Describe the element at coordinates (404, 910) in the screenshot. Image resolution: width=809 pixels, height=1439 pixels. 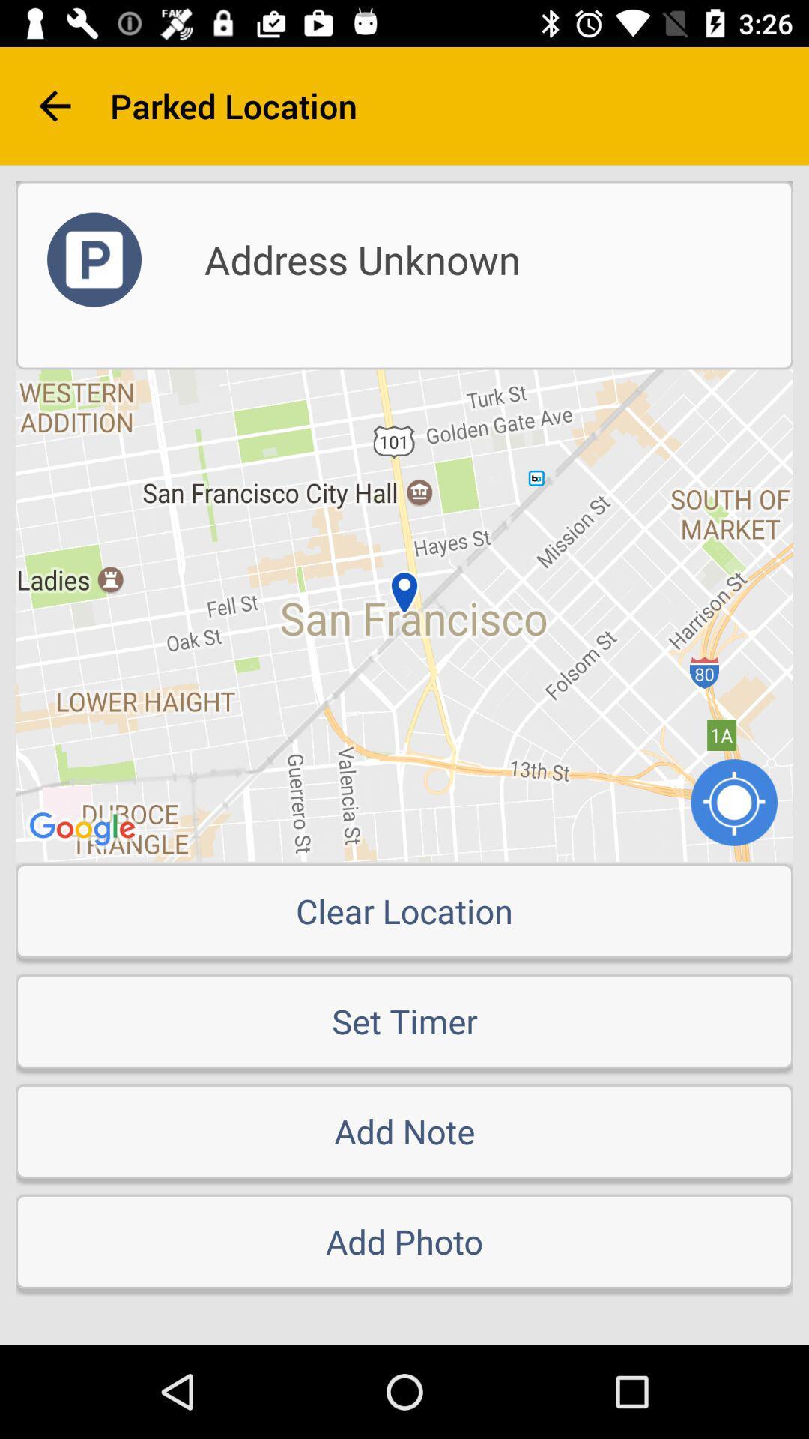
I see `clear location` at that location.